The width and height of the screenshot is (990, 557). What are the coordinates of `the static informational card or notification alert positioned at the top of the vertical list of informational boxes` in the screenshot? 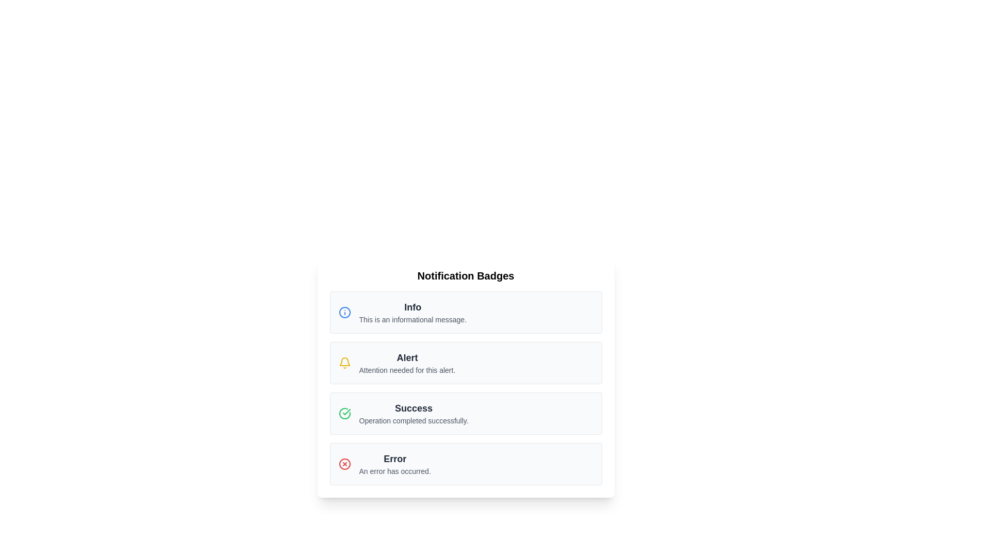 It's located at (465, 312).